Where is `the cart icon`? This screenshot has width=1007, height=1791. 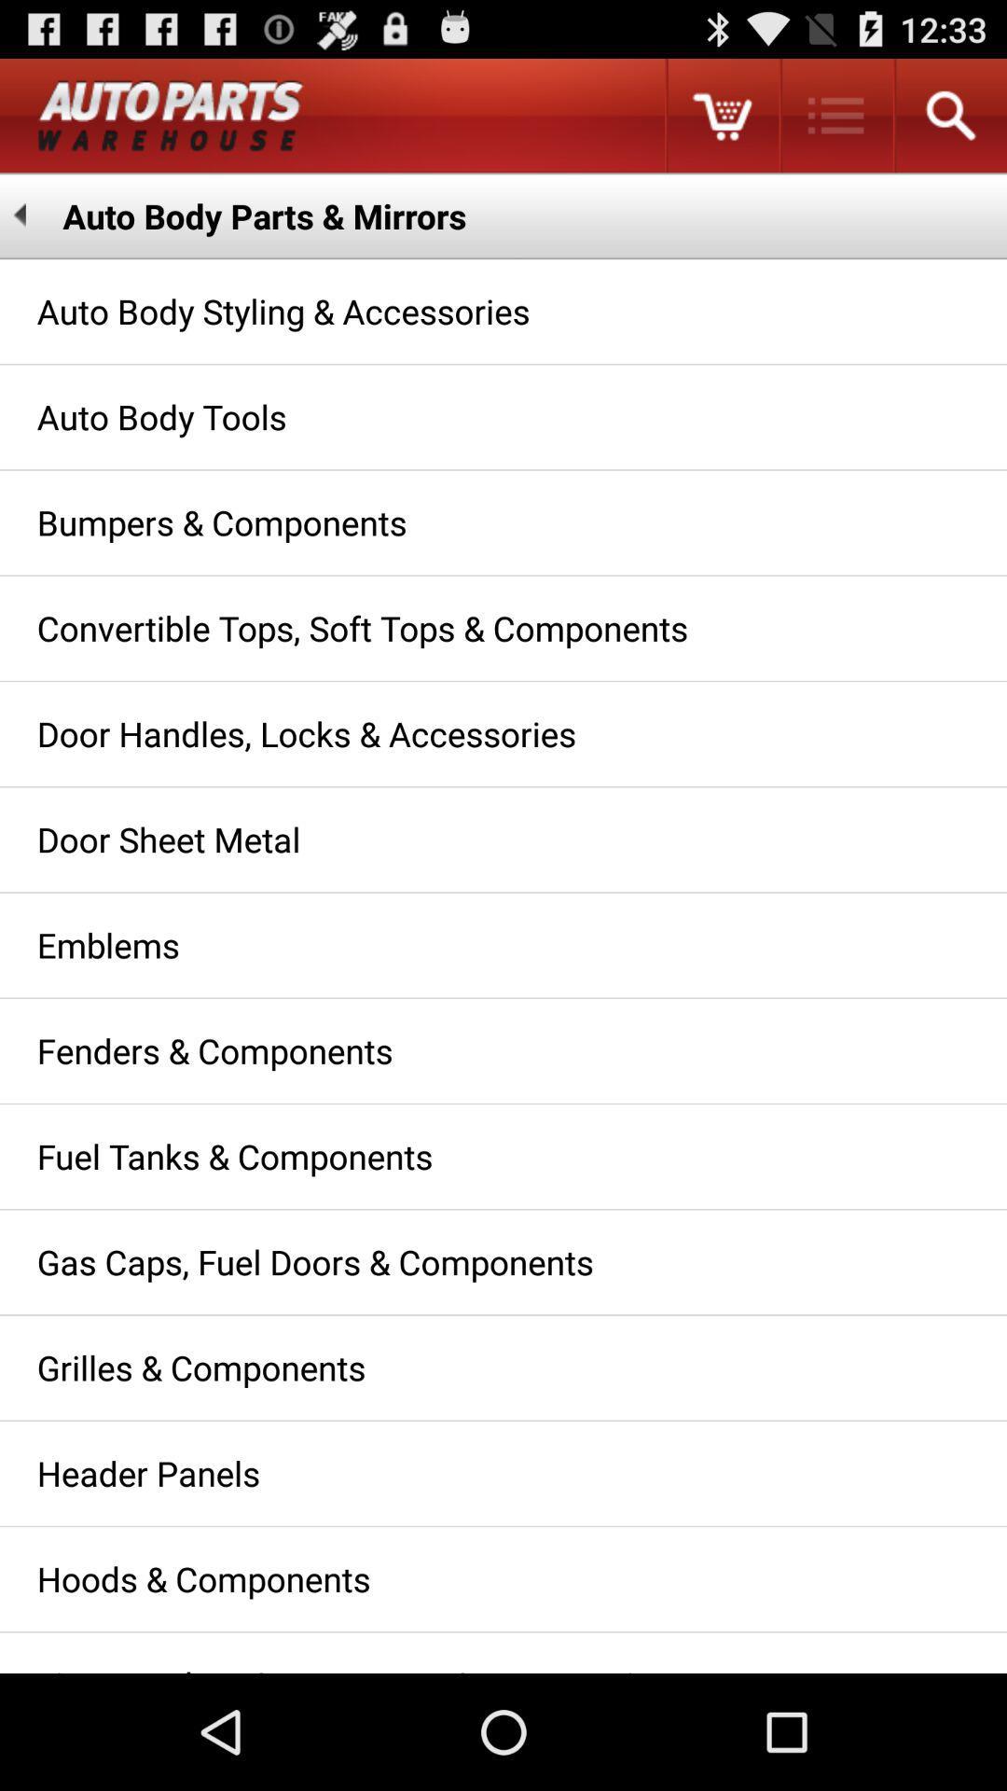 the cart icon is located at coordinates (721, 122).